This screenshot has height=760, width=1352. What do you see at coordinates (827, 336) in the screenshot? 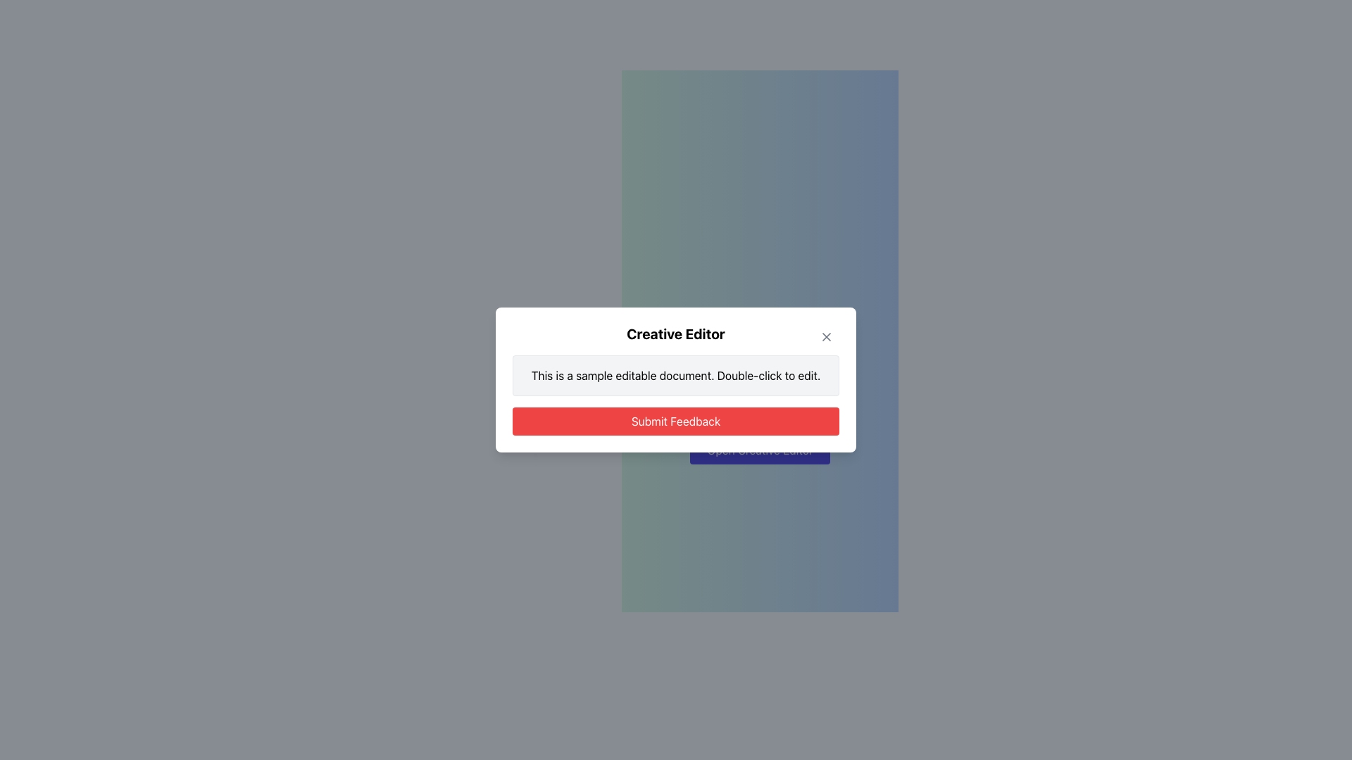
I see `the close button located at the top-right corner of the 'Creative Editor' modal dialog box` at bounding box center [827, 336].